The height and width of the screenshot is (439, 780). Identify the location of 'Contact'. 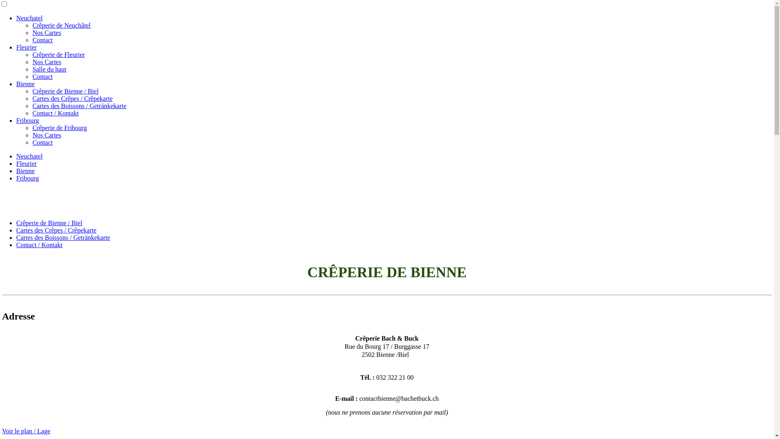
(42, 76).